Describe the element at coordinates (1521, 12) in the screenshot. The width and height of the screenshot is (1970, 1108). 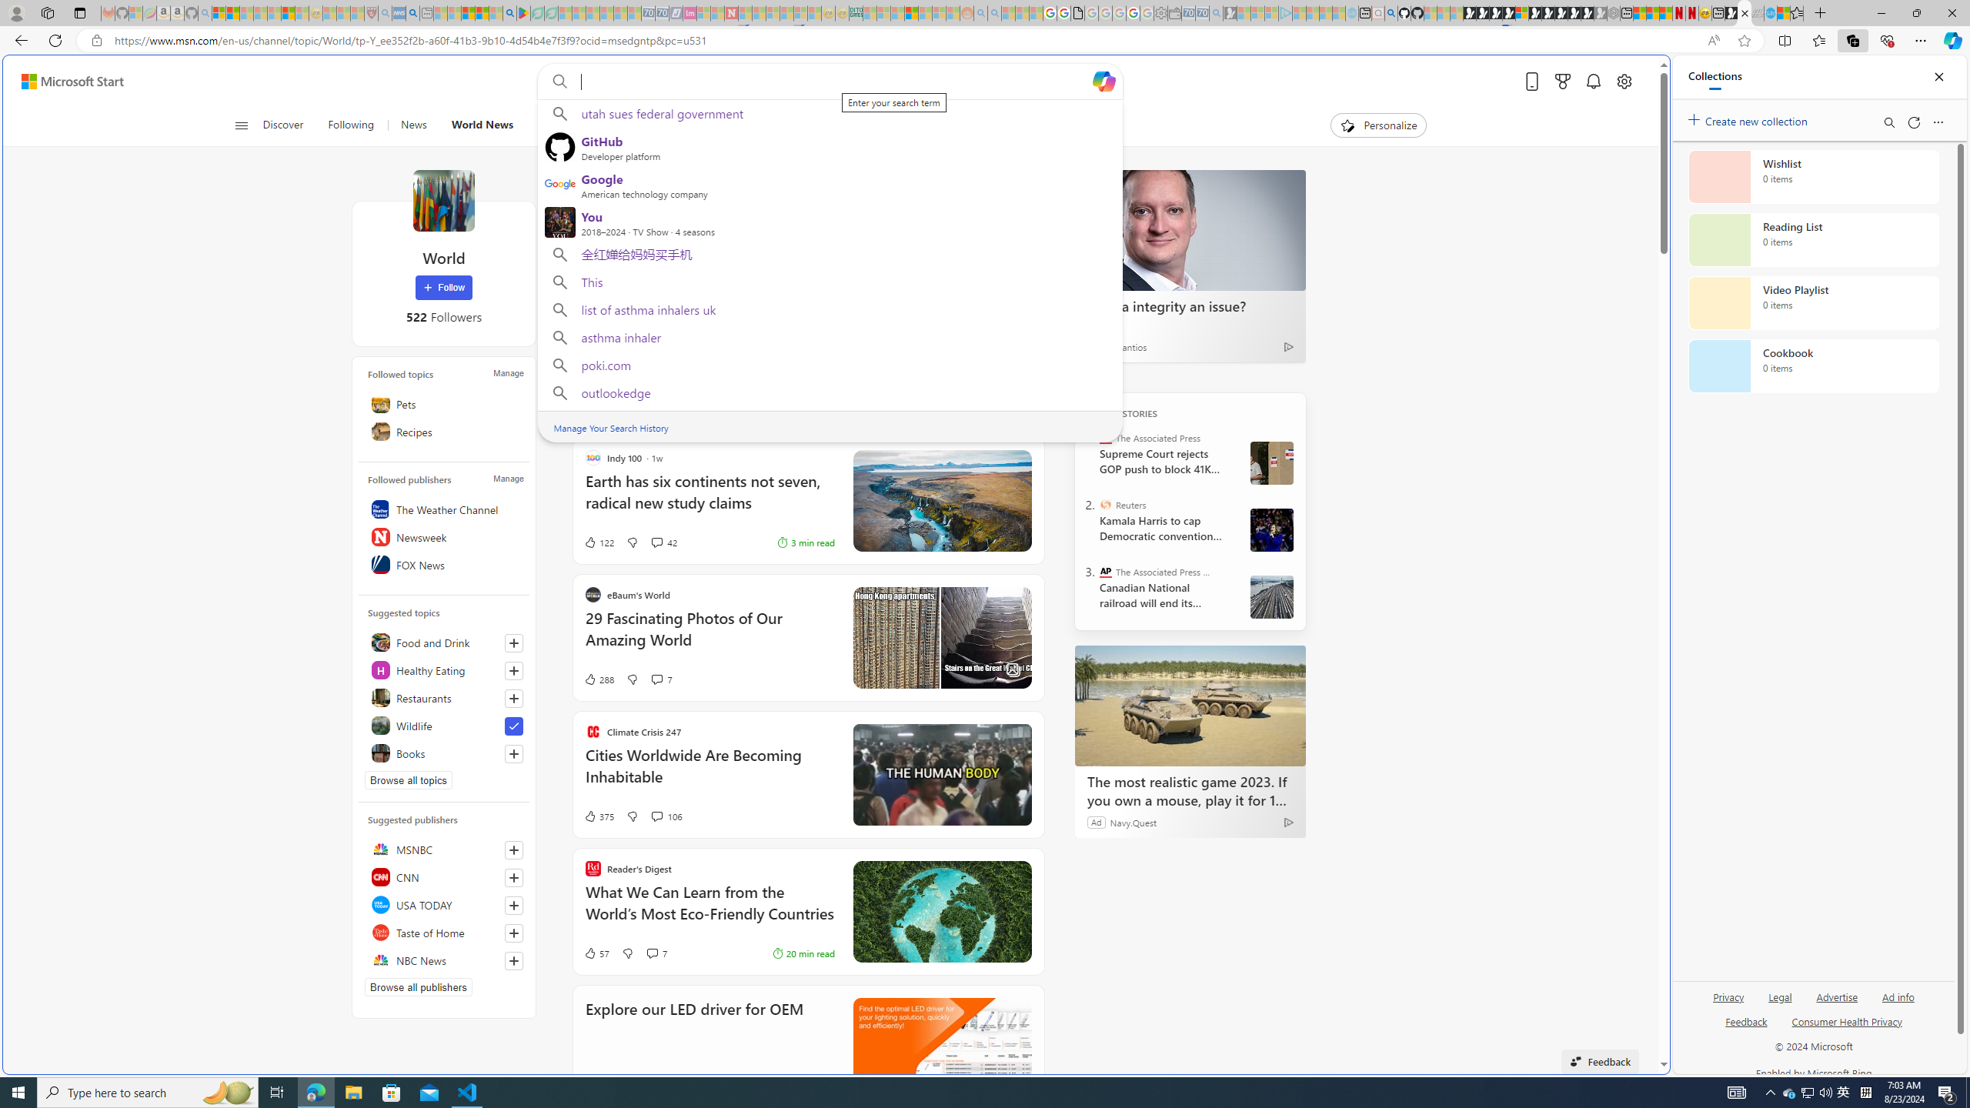
I see `'Sign in to your account'` at that location.